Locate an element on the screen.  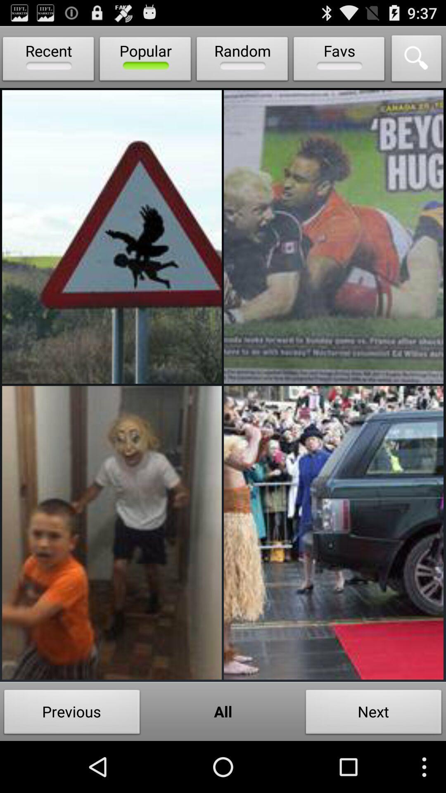
the recent item is located at coordinates (48, 60).